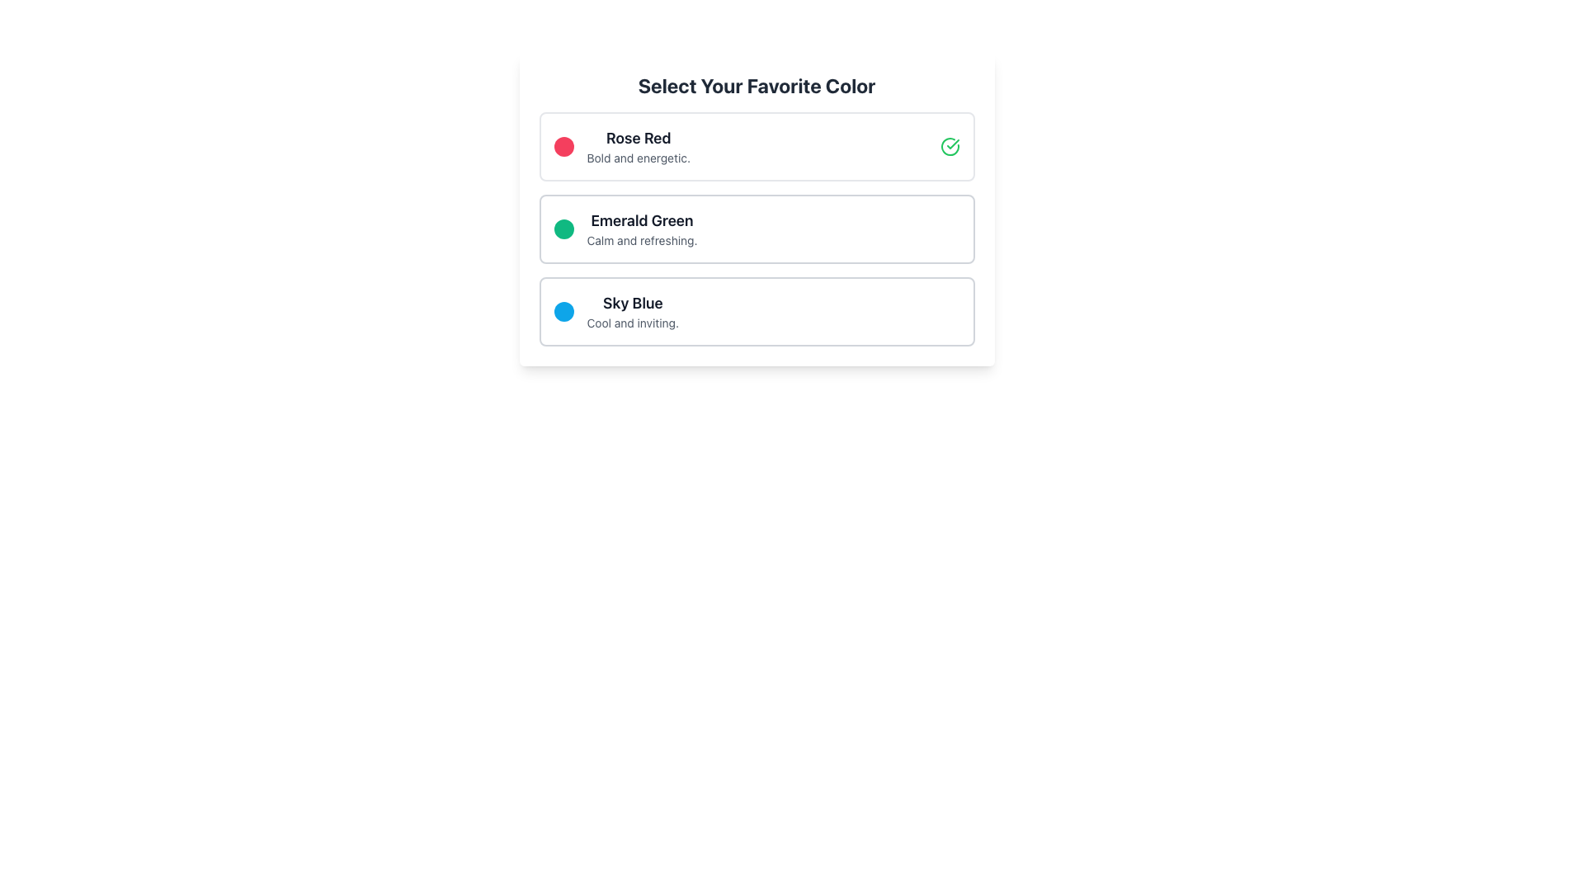 The height and width of the screenshot is (891, 1584). What do you see at coordinates (638, 138) in the screenshot?
I see `the text label displaying 'Rose Red', which is bold and dark gray, positioned at the top of a vertical list of choices` at bounding box center [638, 138].